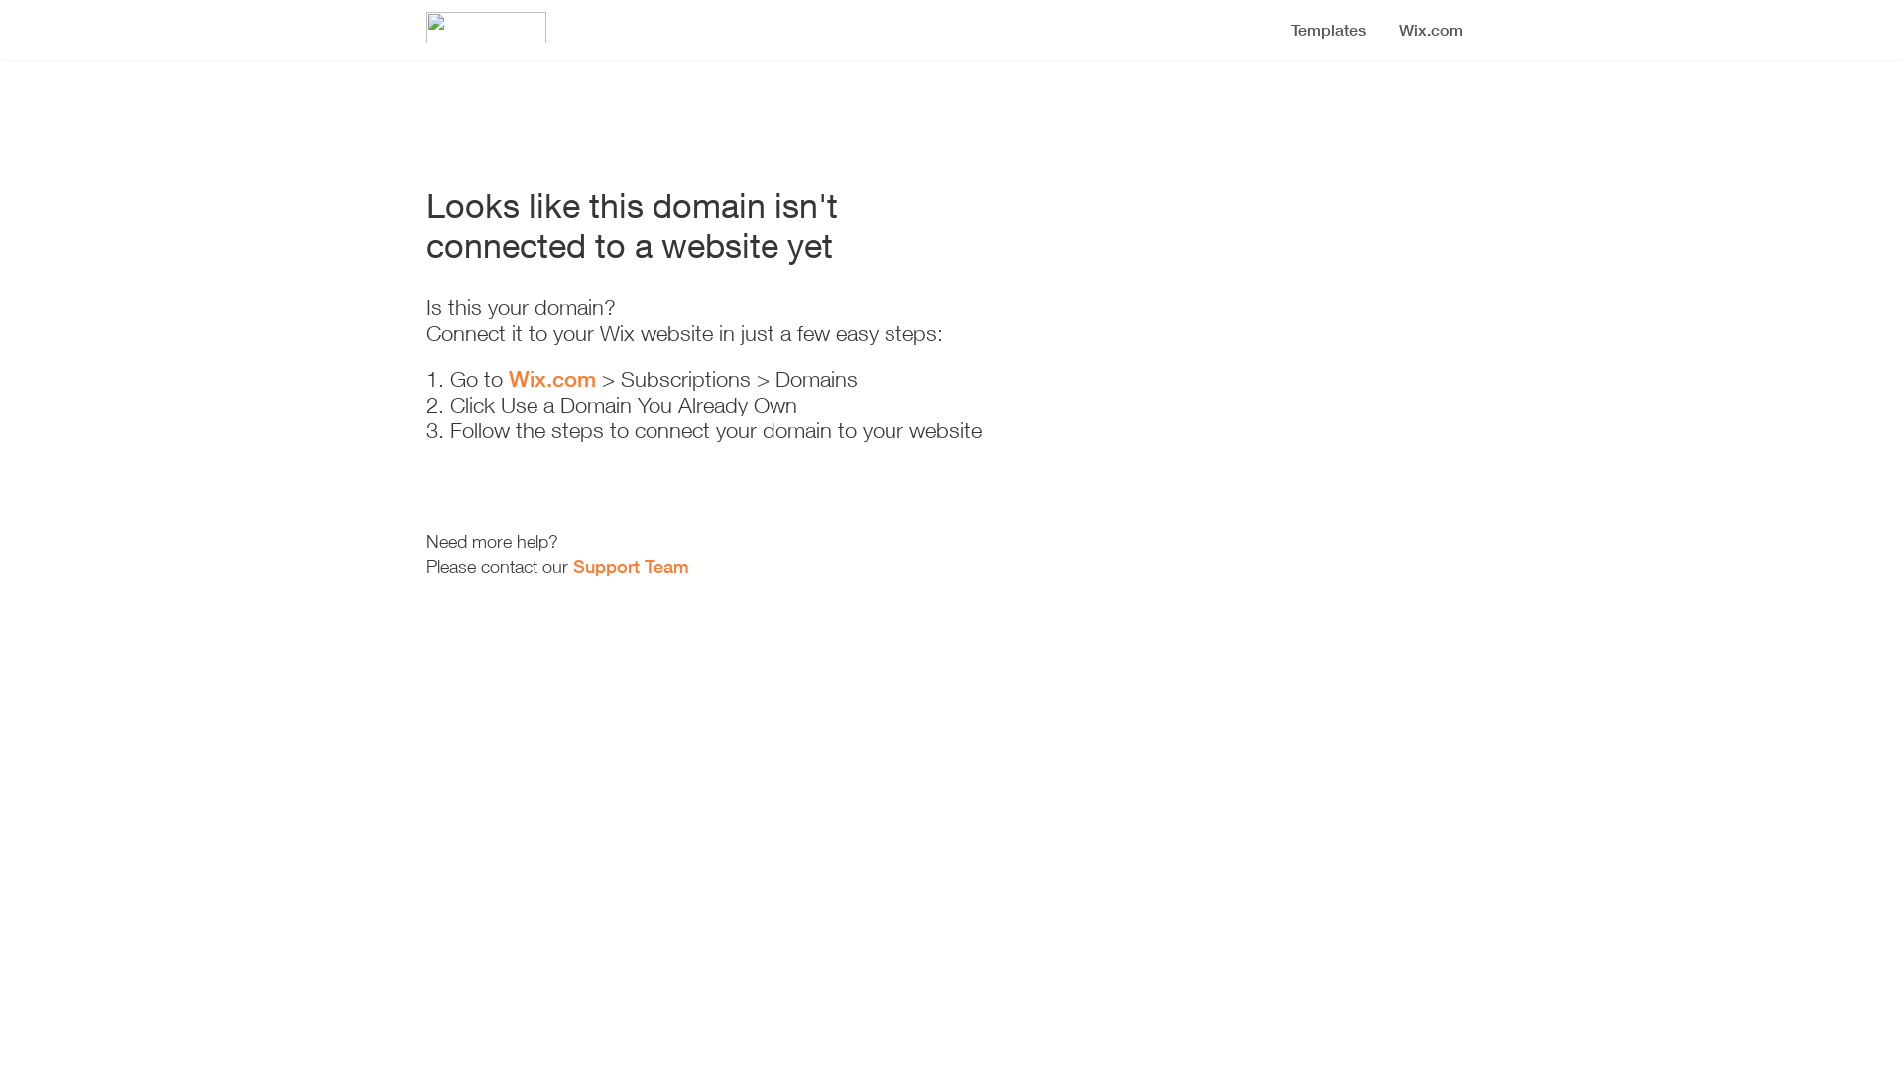  What do you see at coordinates (551, 378) in the screenshot?
I see `'Wix.com'` at bounding box center [551, 378].